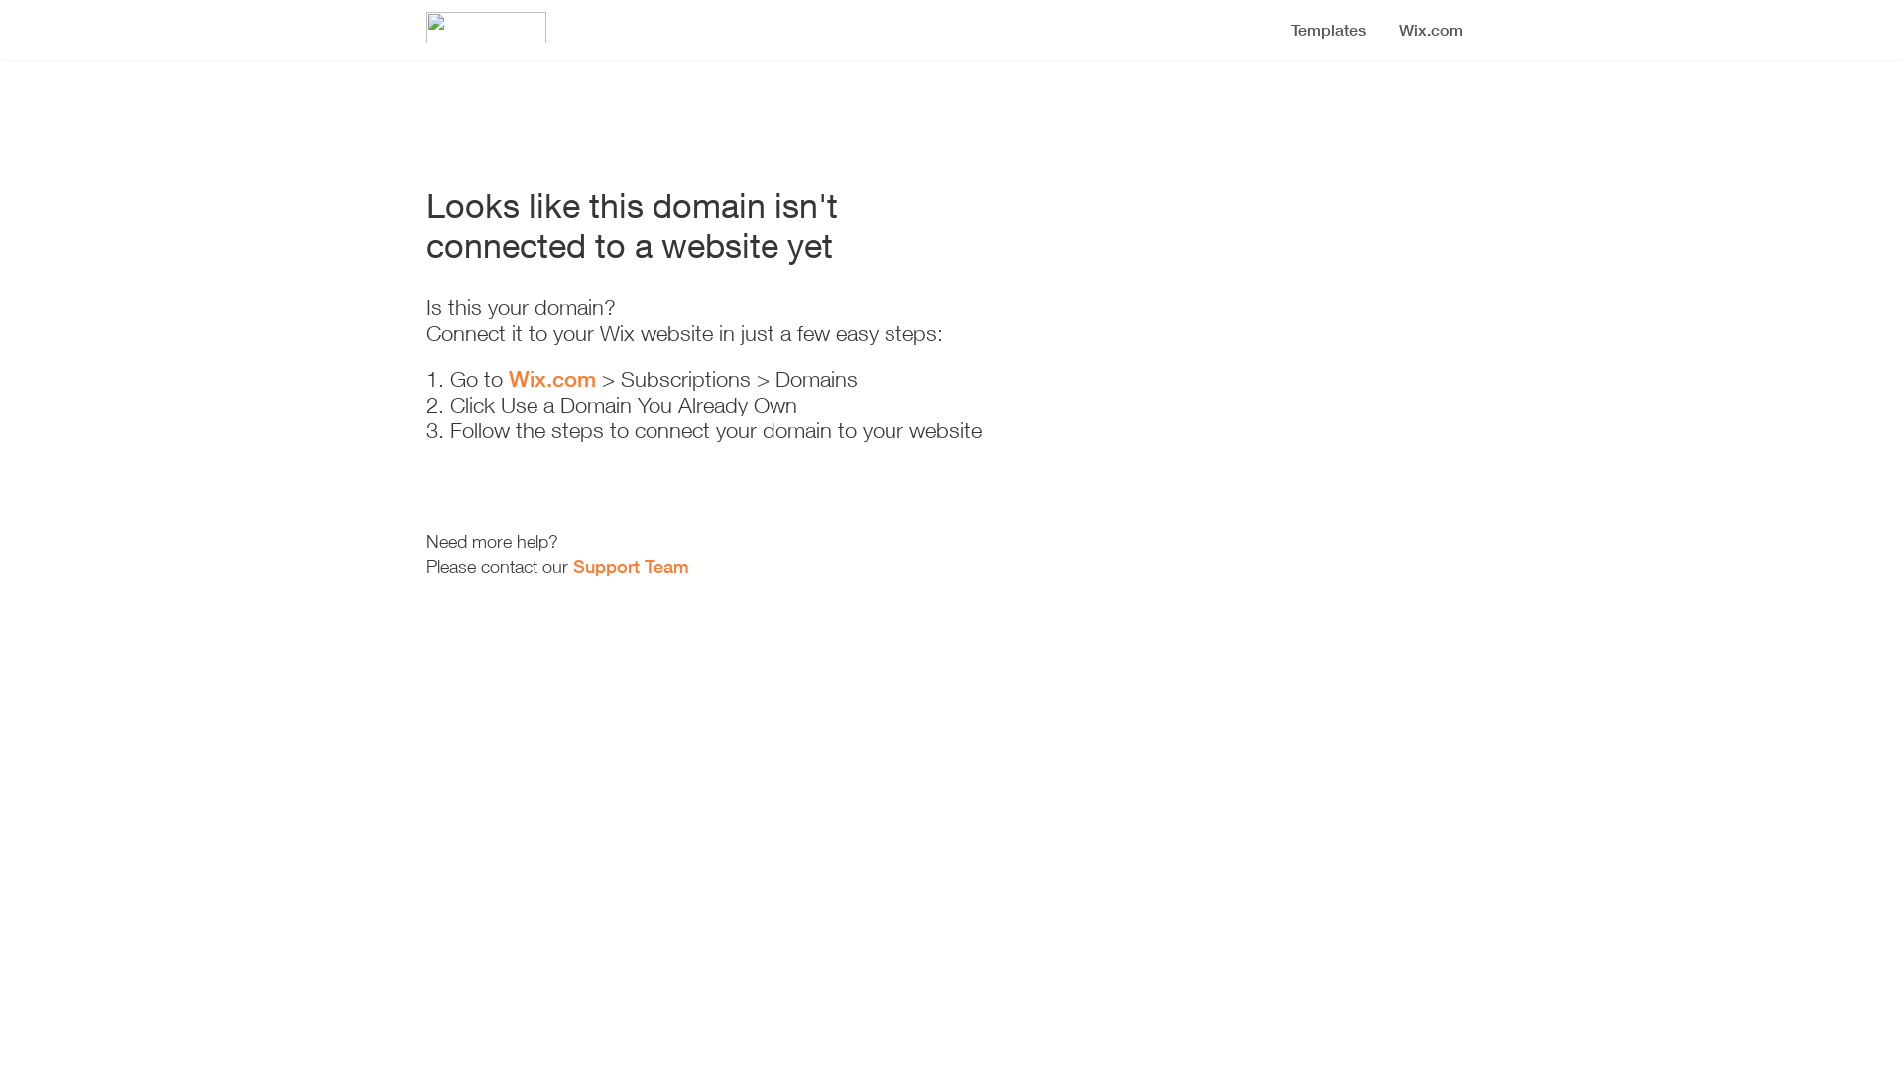  What do you see at coordinates (551, 378) in the screenshot?
I see `'Wix.com'` at bounding box center [551, 378].